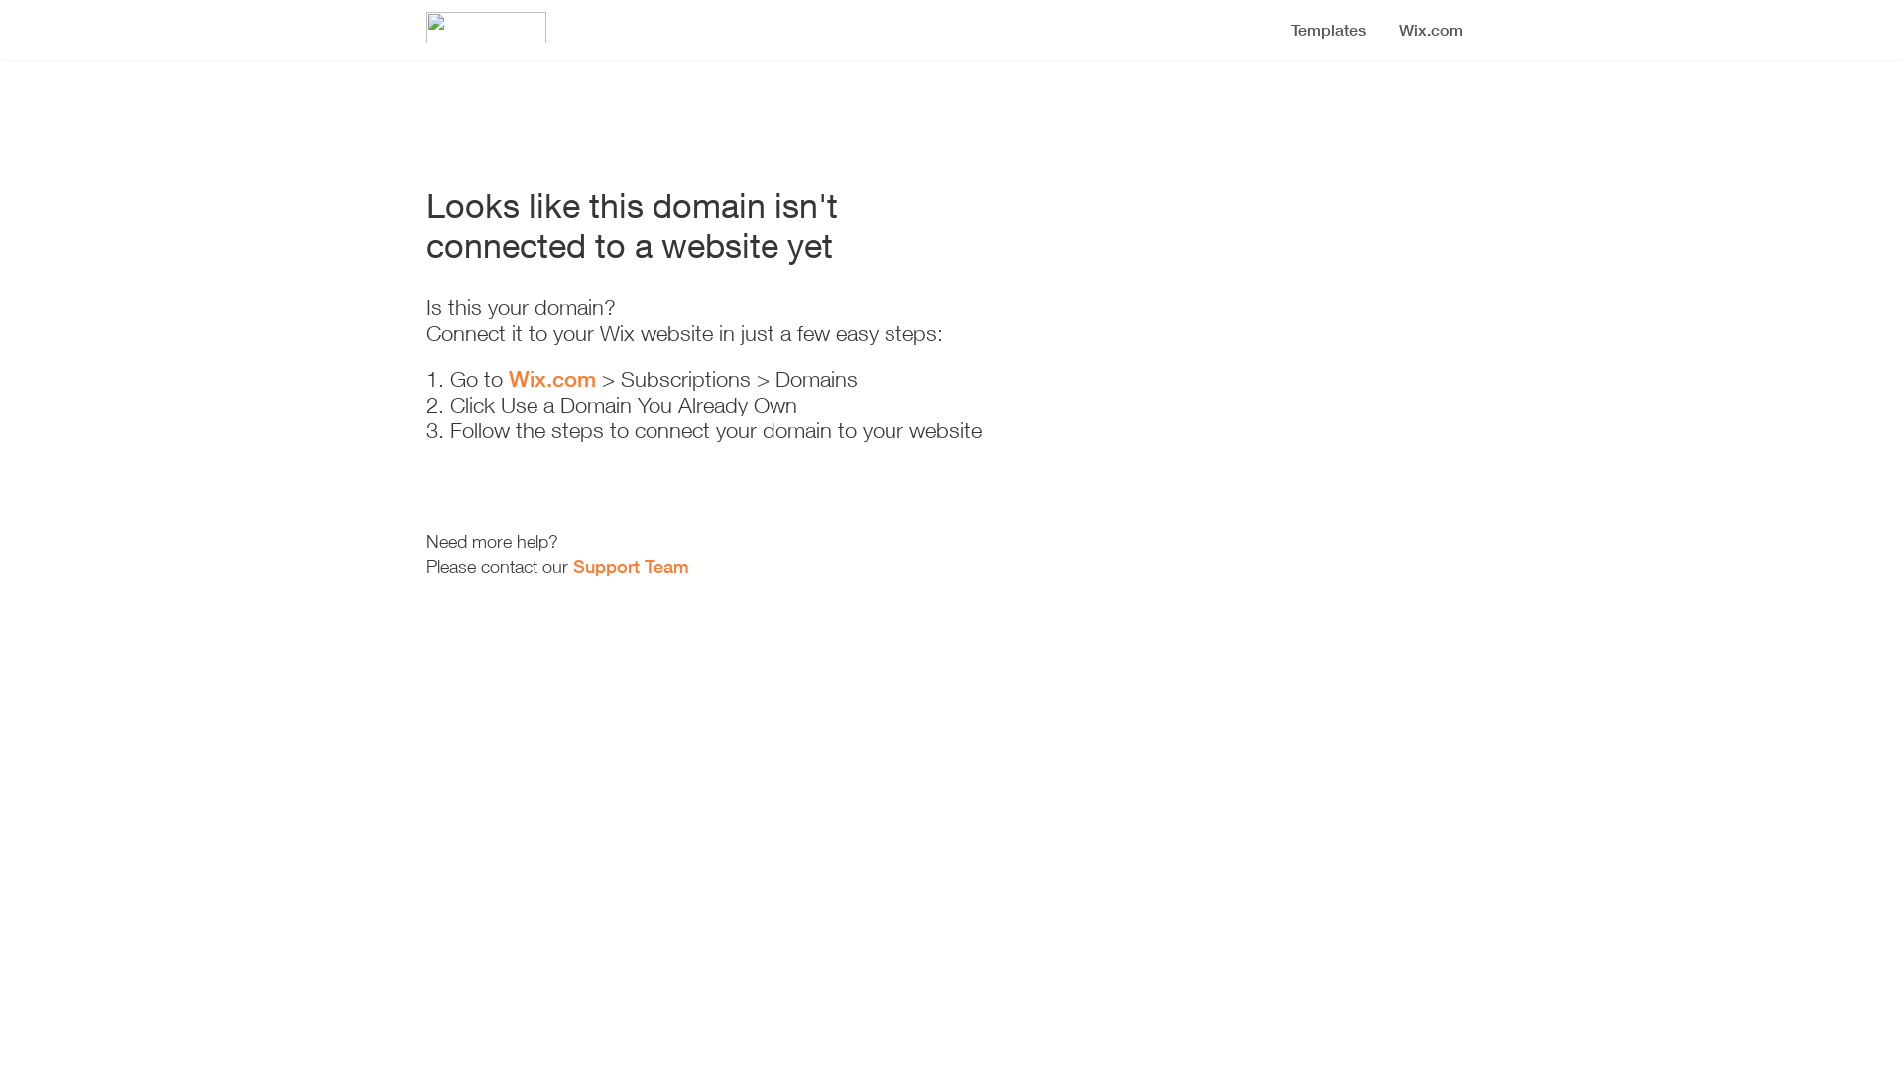  What do you see at coordinates (551, 378) in the screenshot?
I see `'Wix.com'` at bounding box center [551, 378].